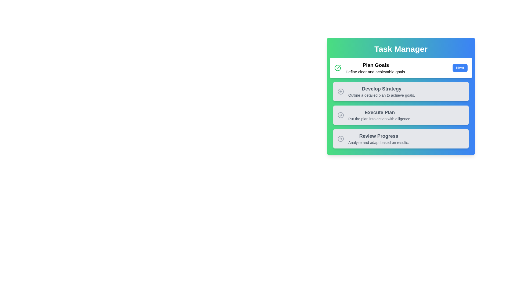 This screenshot has height=290, width=516. Describe the element at coordinates (381, 91) in the screenshot. I see `text content of the informational block displaying the 'Develop Strategy' task in the 'Task Manager' section, located below 'Plan Goals.'` at that location.